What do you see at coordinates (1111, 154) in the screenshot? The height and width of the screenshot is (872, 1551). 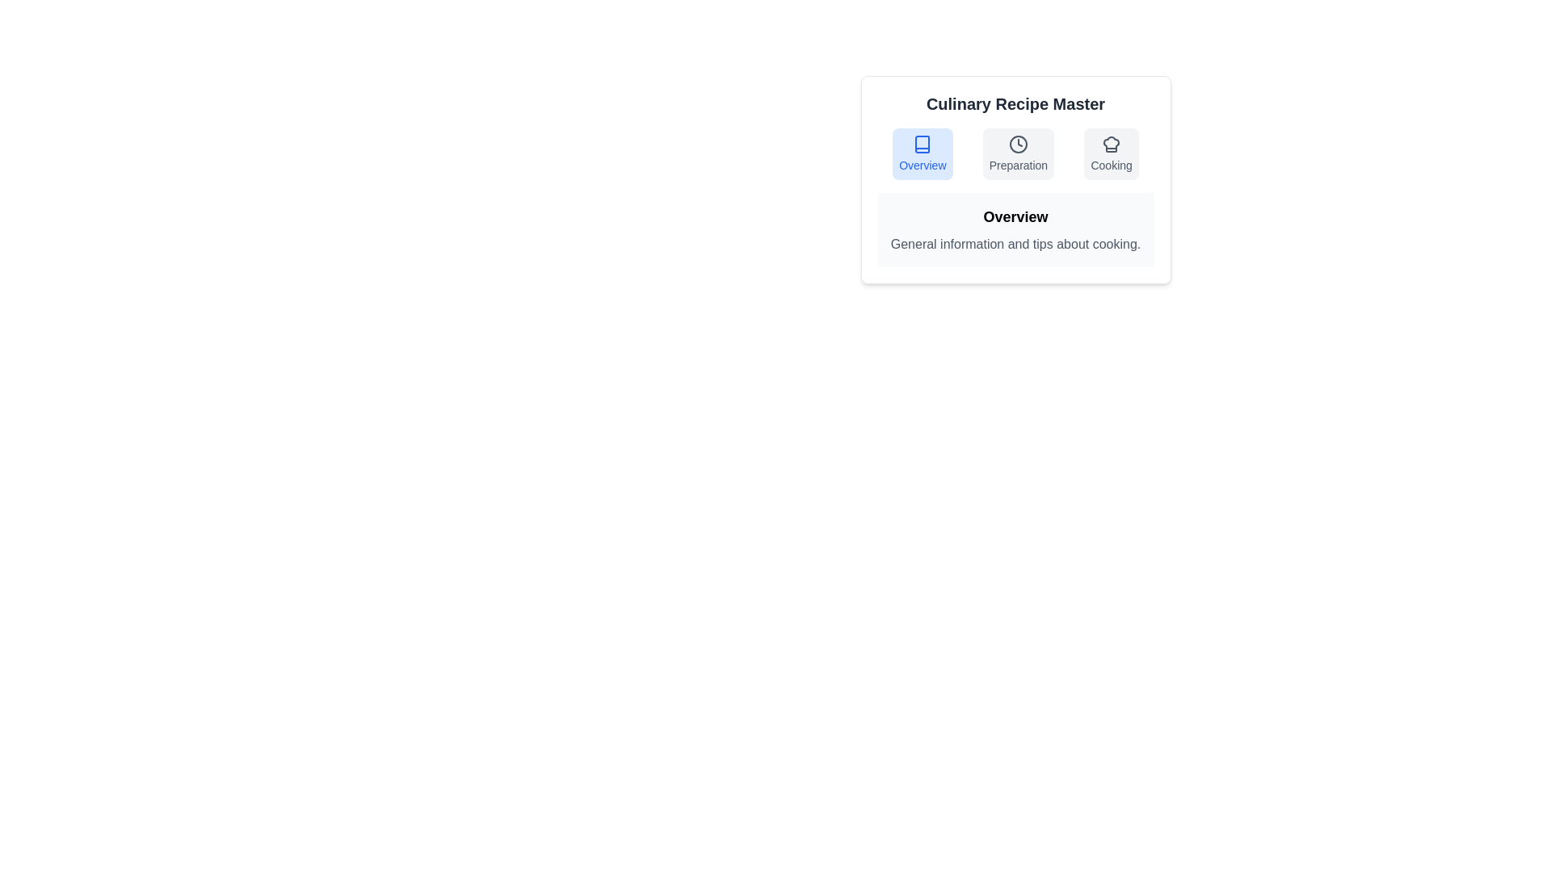 I see `the Cooking tab by clicking on its button` at bounding box center [1111, 154].